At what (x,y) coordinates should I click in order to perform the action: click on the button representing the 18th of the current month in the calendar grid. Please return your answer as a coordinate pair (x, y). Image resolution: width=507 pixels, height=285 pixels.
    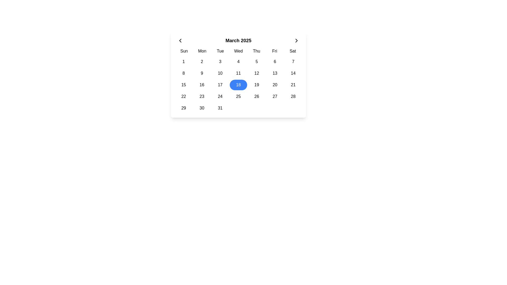
    Looking at the image, I should click on (238, 84).